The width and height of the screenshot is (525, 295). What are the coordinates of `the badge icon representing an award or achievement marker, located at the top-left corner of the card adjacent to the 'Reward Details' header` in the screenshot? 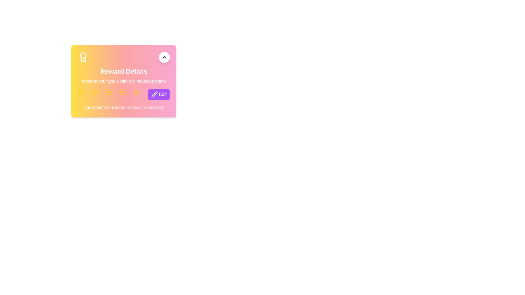 It's located at (83, 57).